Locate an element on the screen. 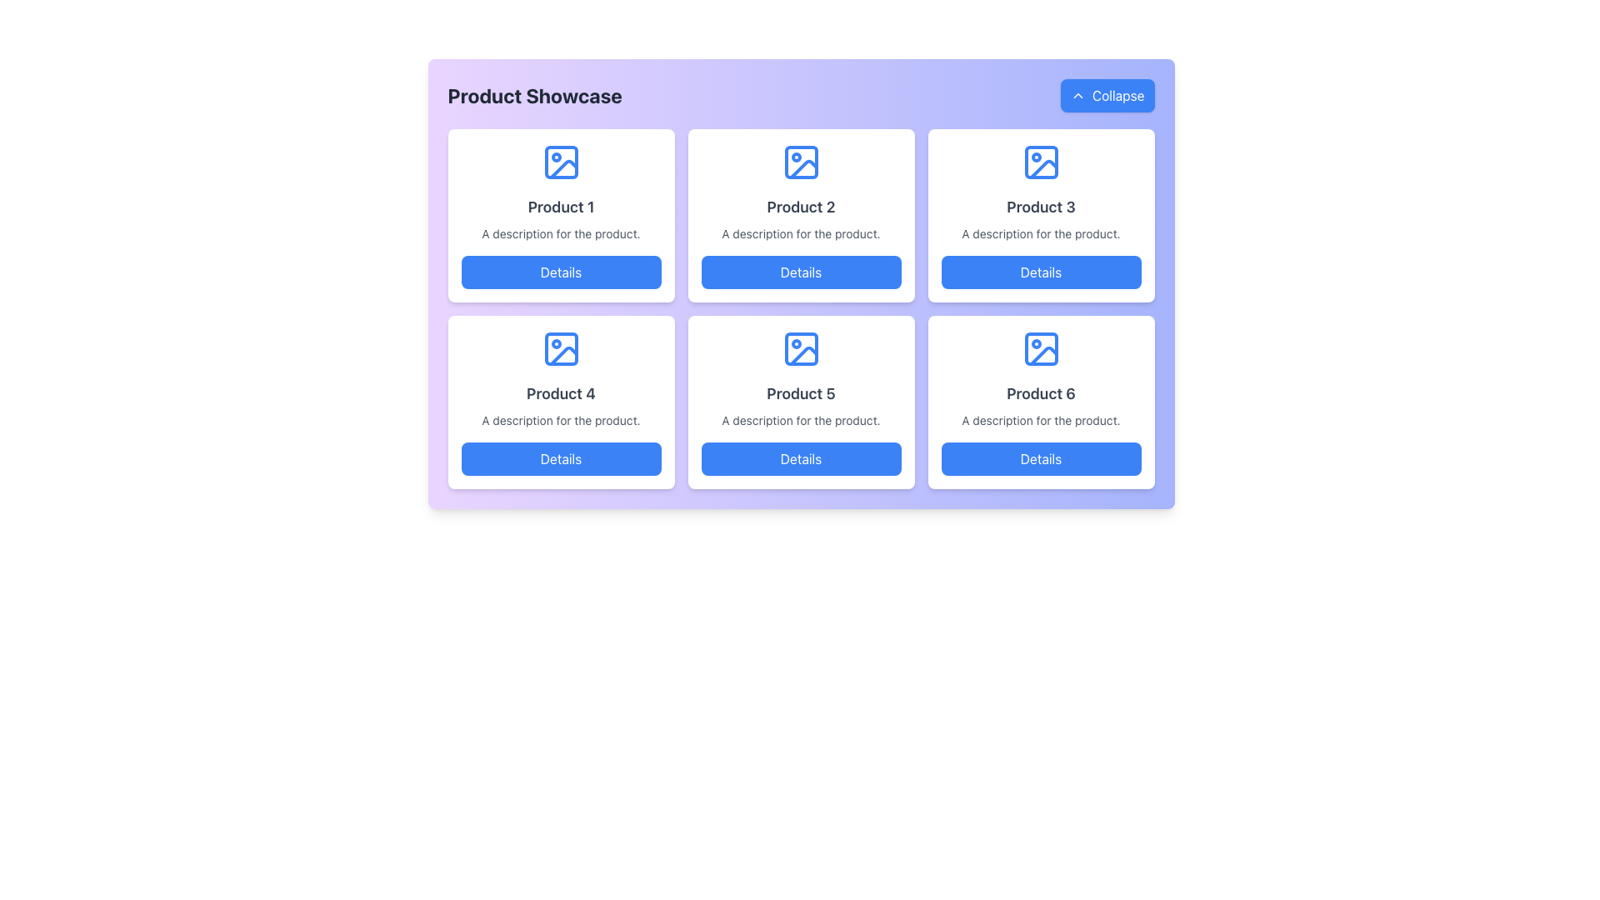 Image resolution: width=1600 pixels, height=900 pixels. the image icon representing 'Product 5' located in the second row, second column of the six-product grid layout is located at coordinates (803, 355).